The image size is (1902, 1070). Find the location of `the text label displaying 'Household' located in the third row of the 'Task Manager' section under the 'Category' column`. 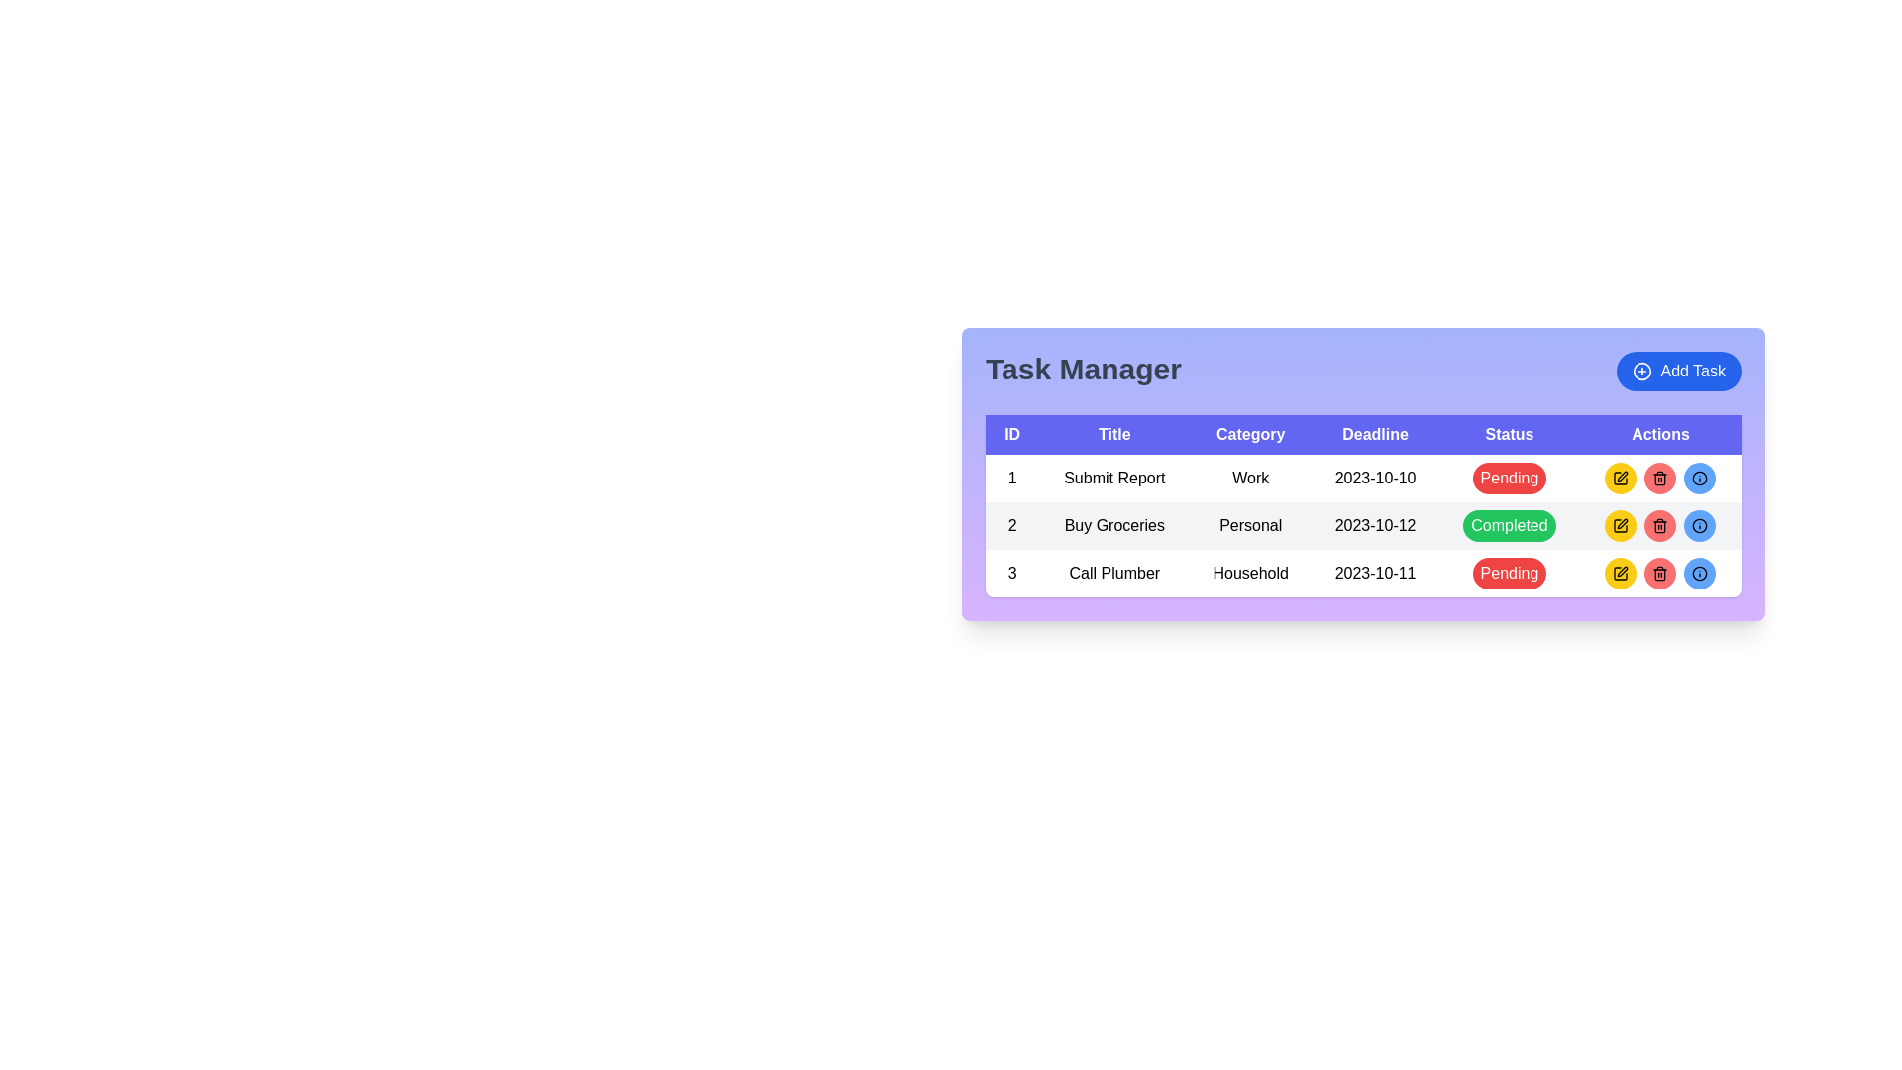

the text label displaying 'Household' located in the third row of the 'Task Manager' section under the 'Category' column is located at coordinates (1249, 573).